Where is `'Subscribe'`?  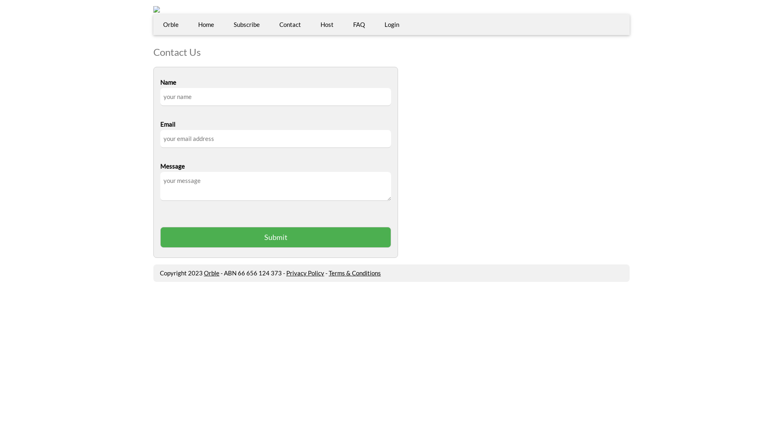
'Subscribe' is located at coordinates (223, 24).